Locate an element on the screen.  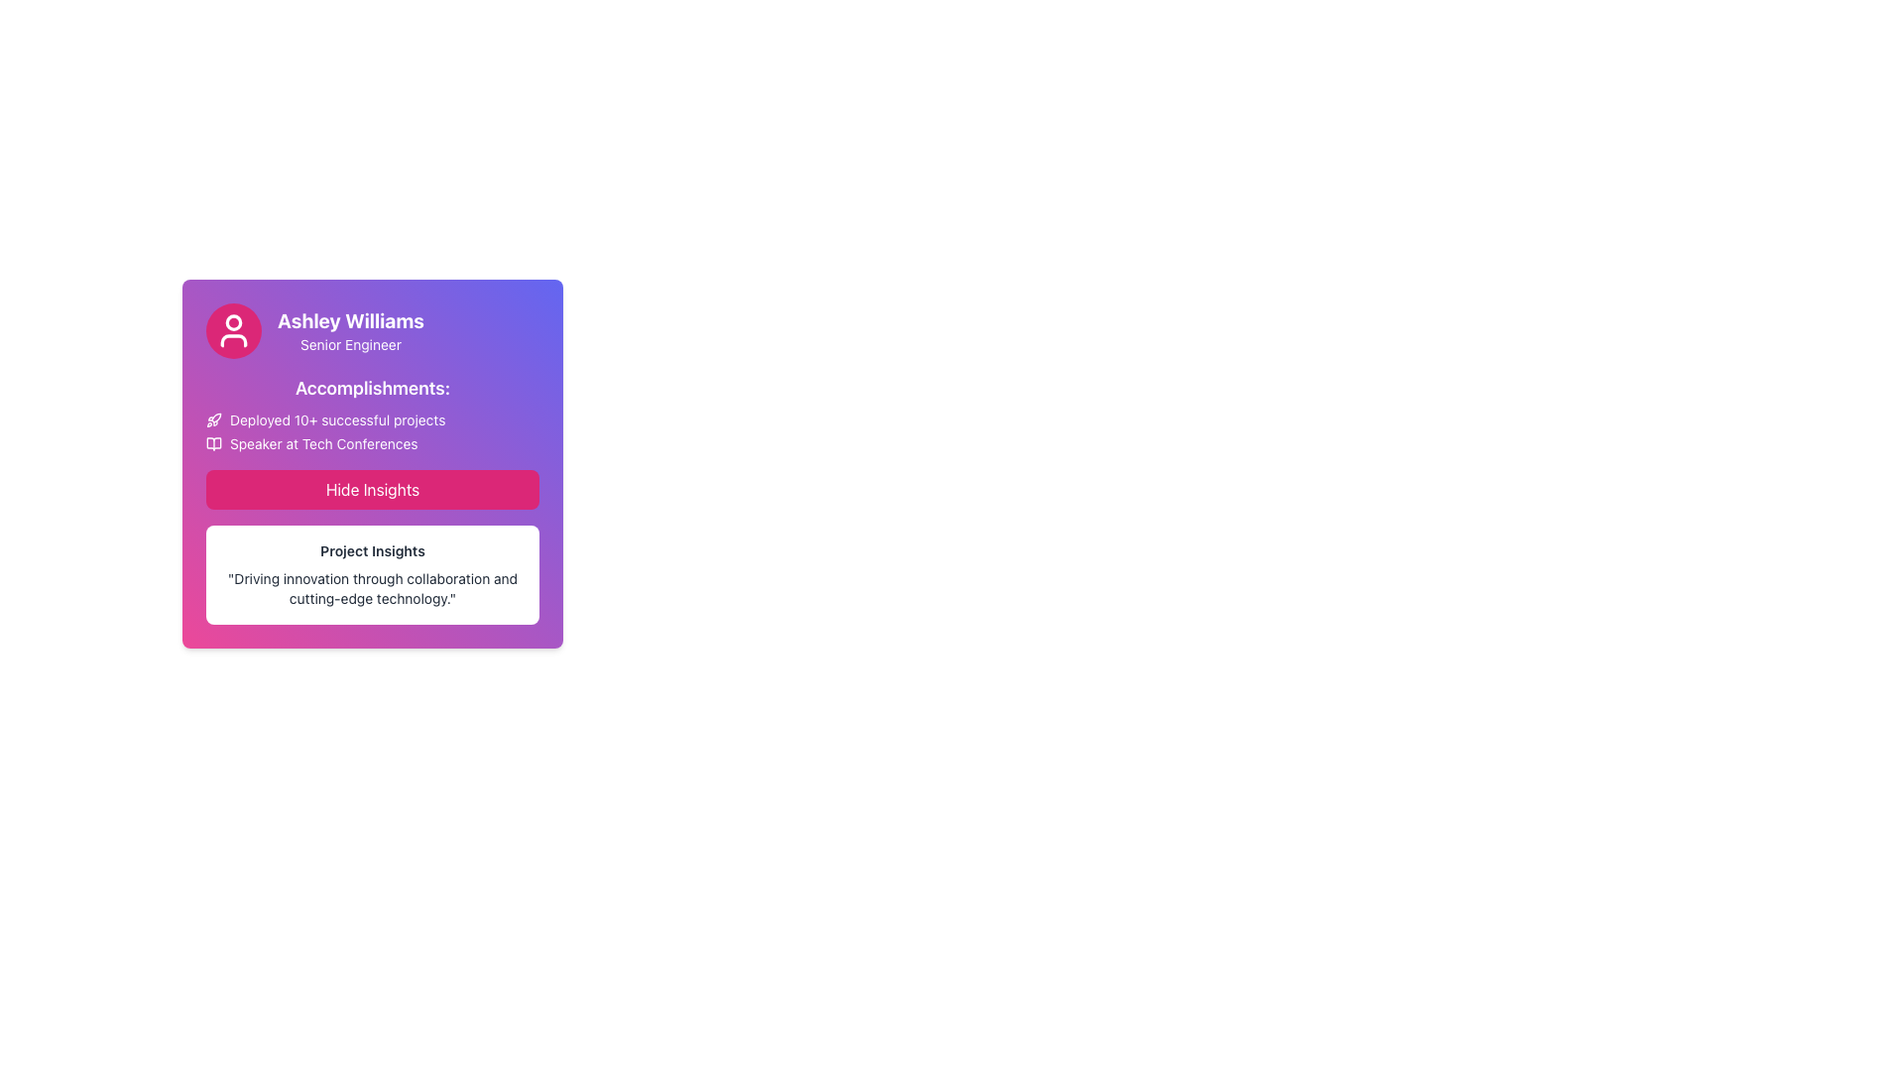
the Text block containing the lines 'Deployed 10+ successful projects' with a rocket icon and 'Speaker at Tech Conferences' with a book icon, which is styled with a purple gradient background and located below the 'Accomplishments:' heading is located at coordinates (372, 430).